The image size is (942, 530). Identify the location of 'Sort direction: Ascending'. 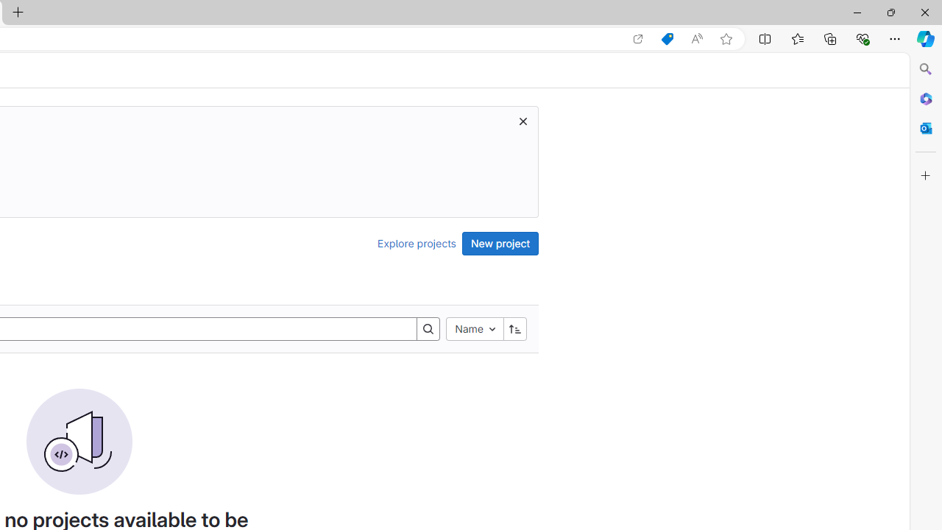
(514, 328).